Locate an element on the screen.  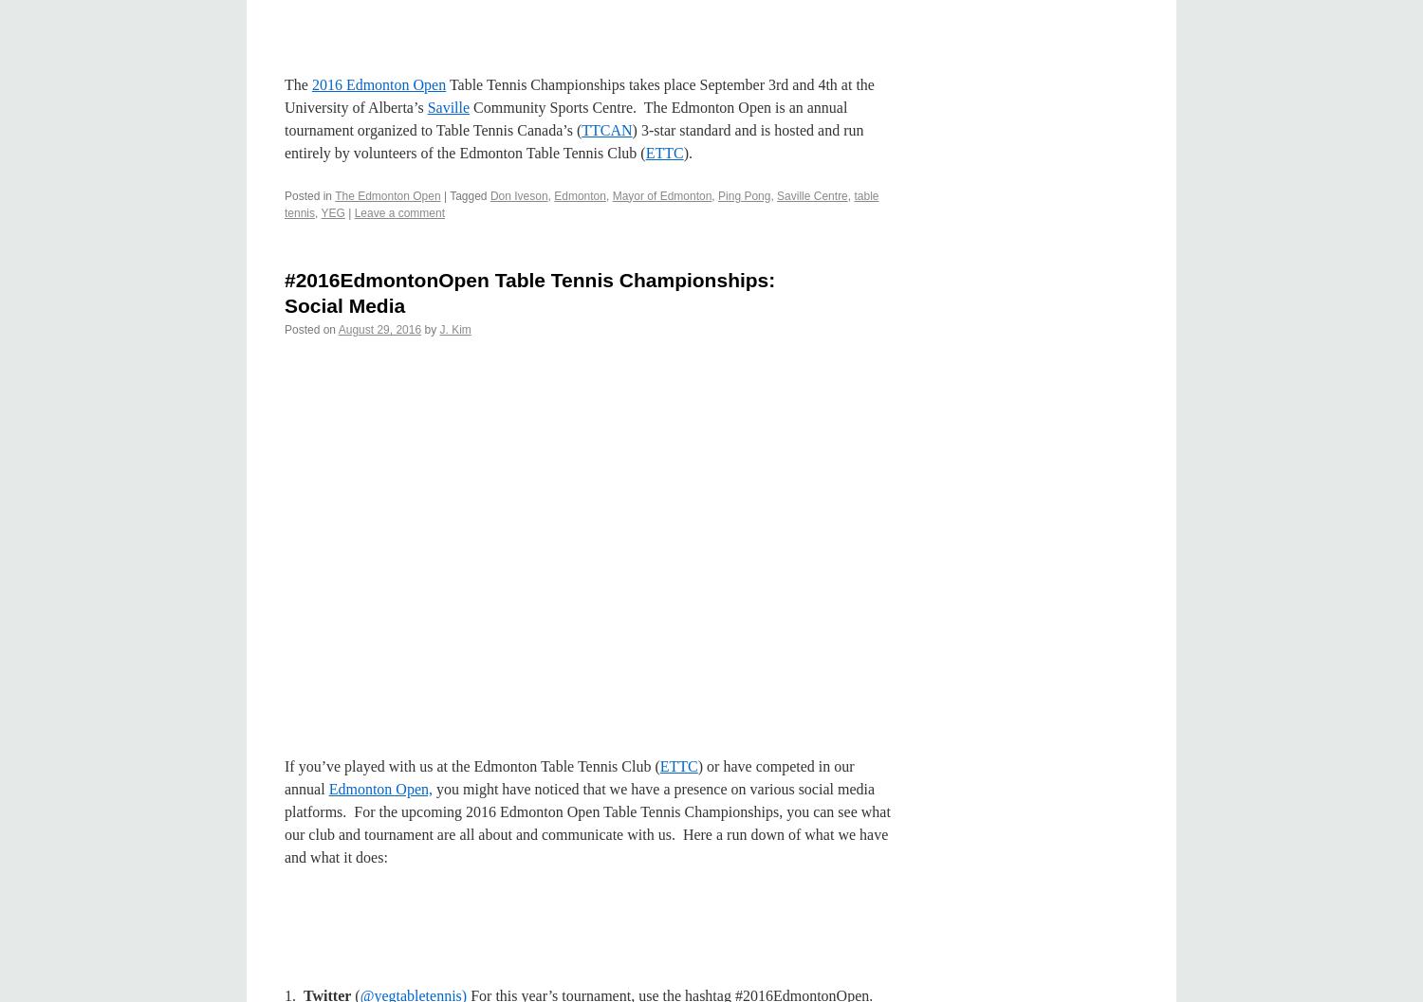
'Saville Centre' is located at coordinates (811, 195).